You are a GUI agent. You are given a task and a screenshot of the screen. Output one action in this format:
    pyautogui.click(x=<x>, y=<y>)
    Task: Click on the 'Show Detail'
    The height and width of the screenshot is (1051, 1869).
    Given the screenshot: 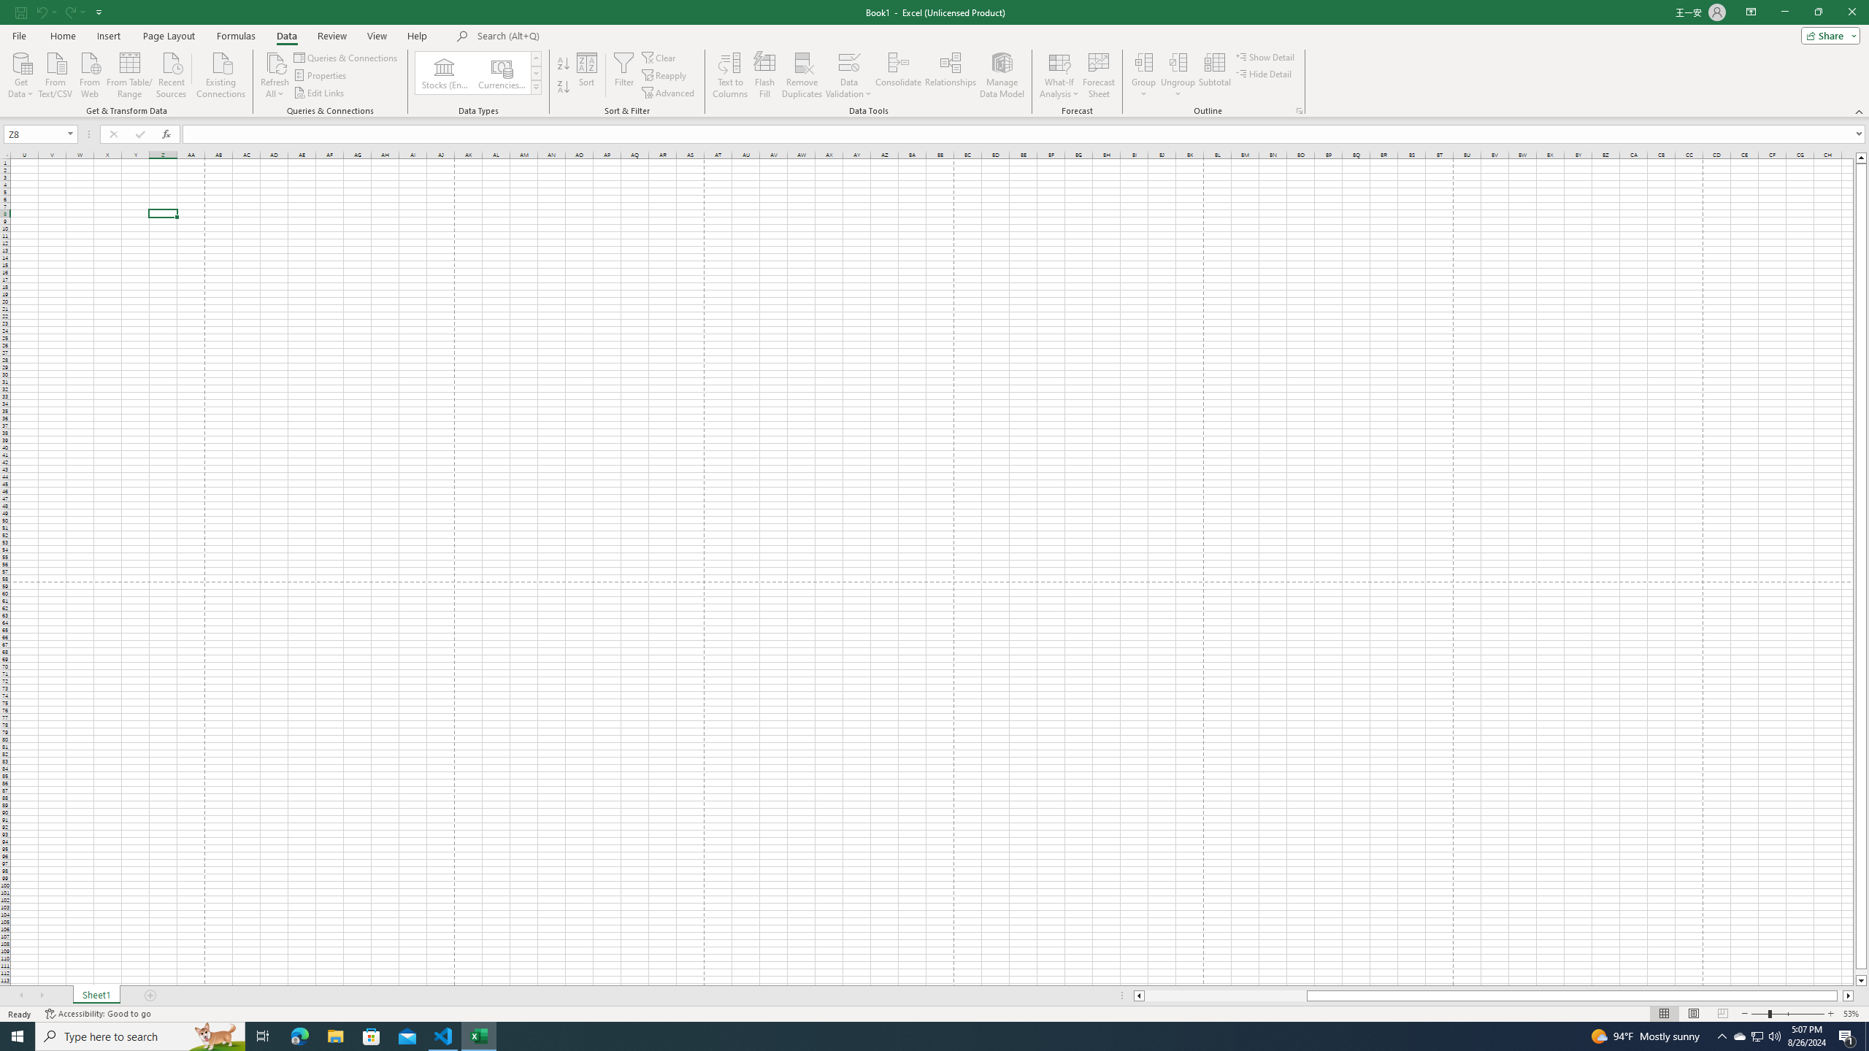 What is the action you would take?
    pyautogui.click(x=1265, y=56)
    